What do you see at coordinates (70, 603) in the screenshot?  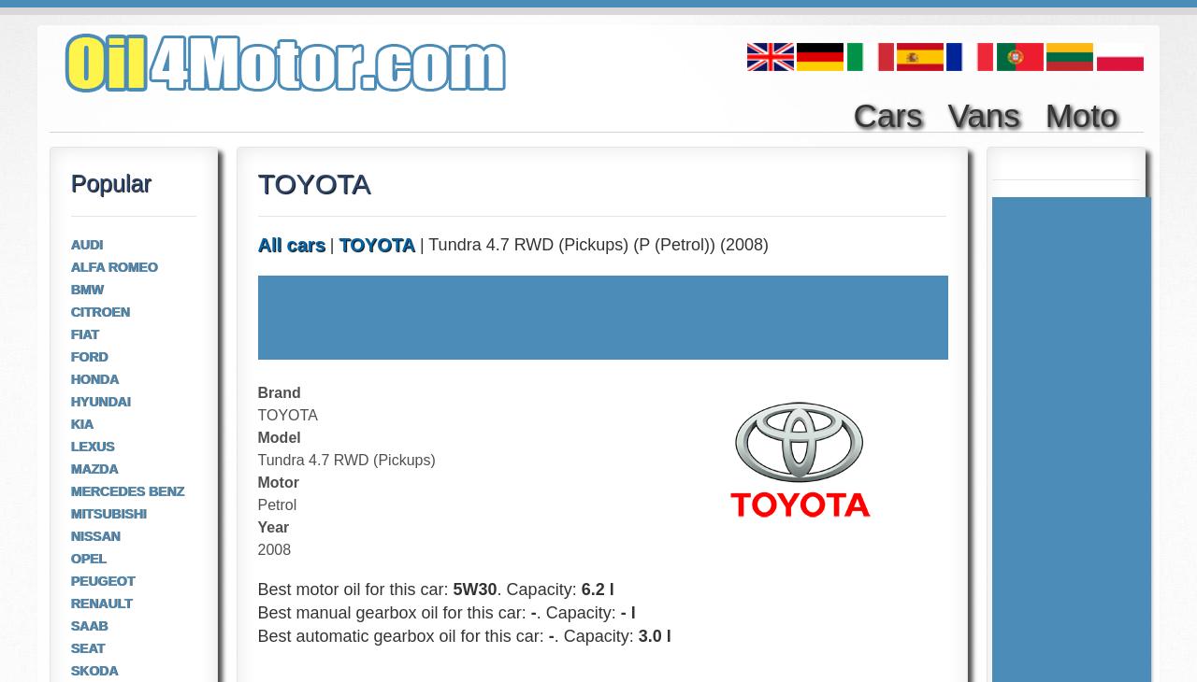 I see `'RENAULT'` at bounding box center [70, 603].